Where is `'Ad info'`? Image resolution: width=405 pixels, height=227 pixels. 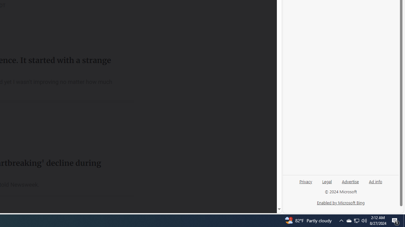
'Ad info' is located at coordinates (376, 181).